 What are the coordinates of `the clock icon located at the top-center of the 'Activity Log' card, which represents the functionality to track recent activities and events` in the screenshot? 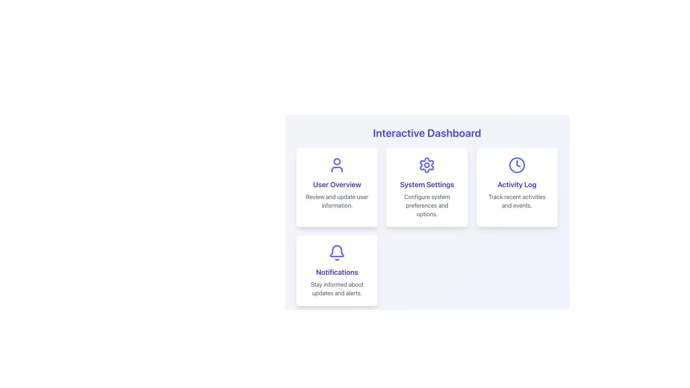 It's located at (516, 165).